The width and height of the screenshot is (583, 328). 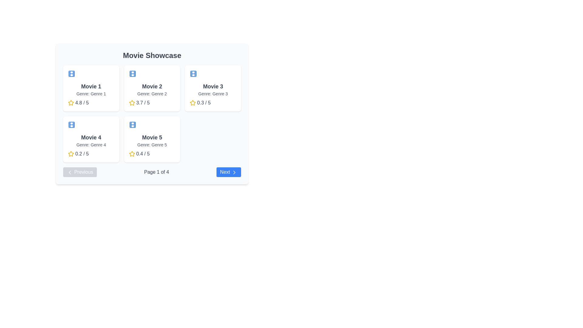 What do you see at coordinates (193, 73) in the screenshot?
I see `the movie icon located in the top-right corner of the 'Movie Showcase' grid layout, associated with 'Movie 3'` at bounding box center [193, 73].